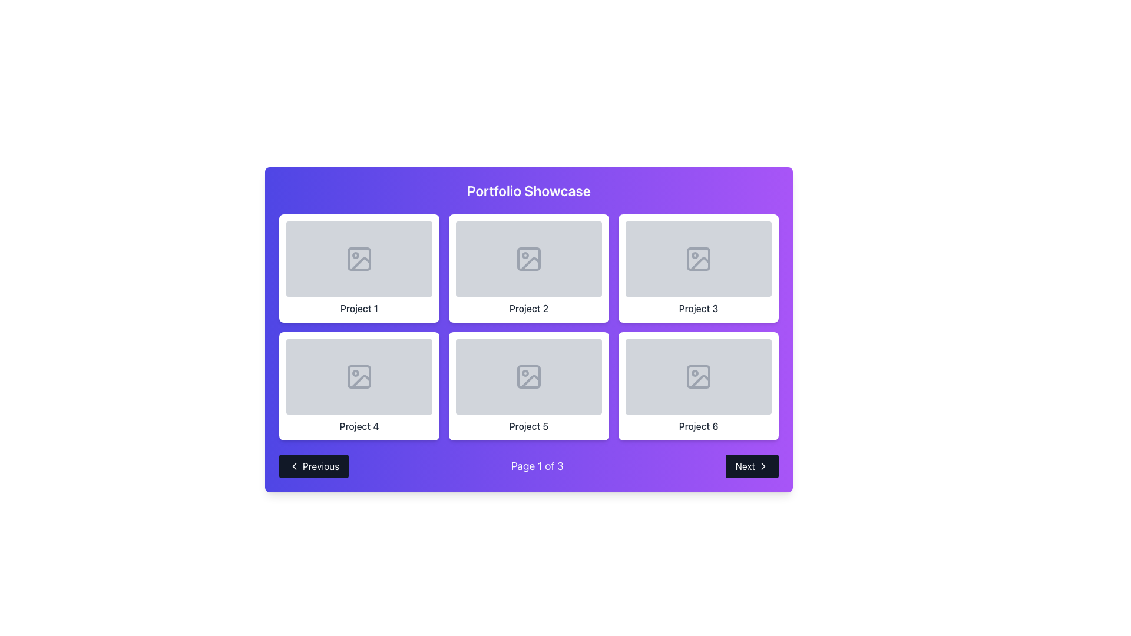  Describe the element at coordinates (358, 268) in the screenshot. I see `the Card element that has a white background, rounded corners, and contains a 'Project 1' label below a placeholder image, located in the top-left corner of a grid layout` at that location.